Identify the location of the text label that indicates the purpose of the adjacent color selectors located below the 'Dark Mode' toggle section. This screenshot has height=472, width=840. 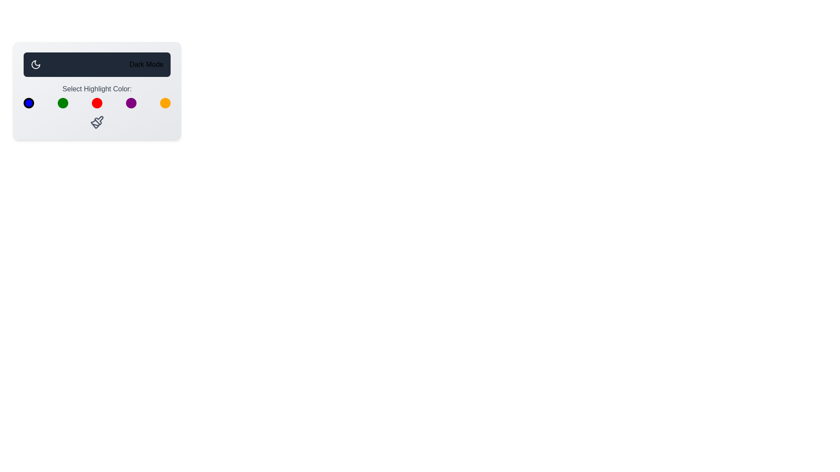
(97, 96).